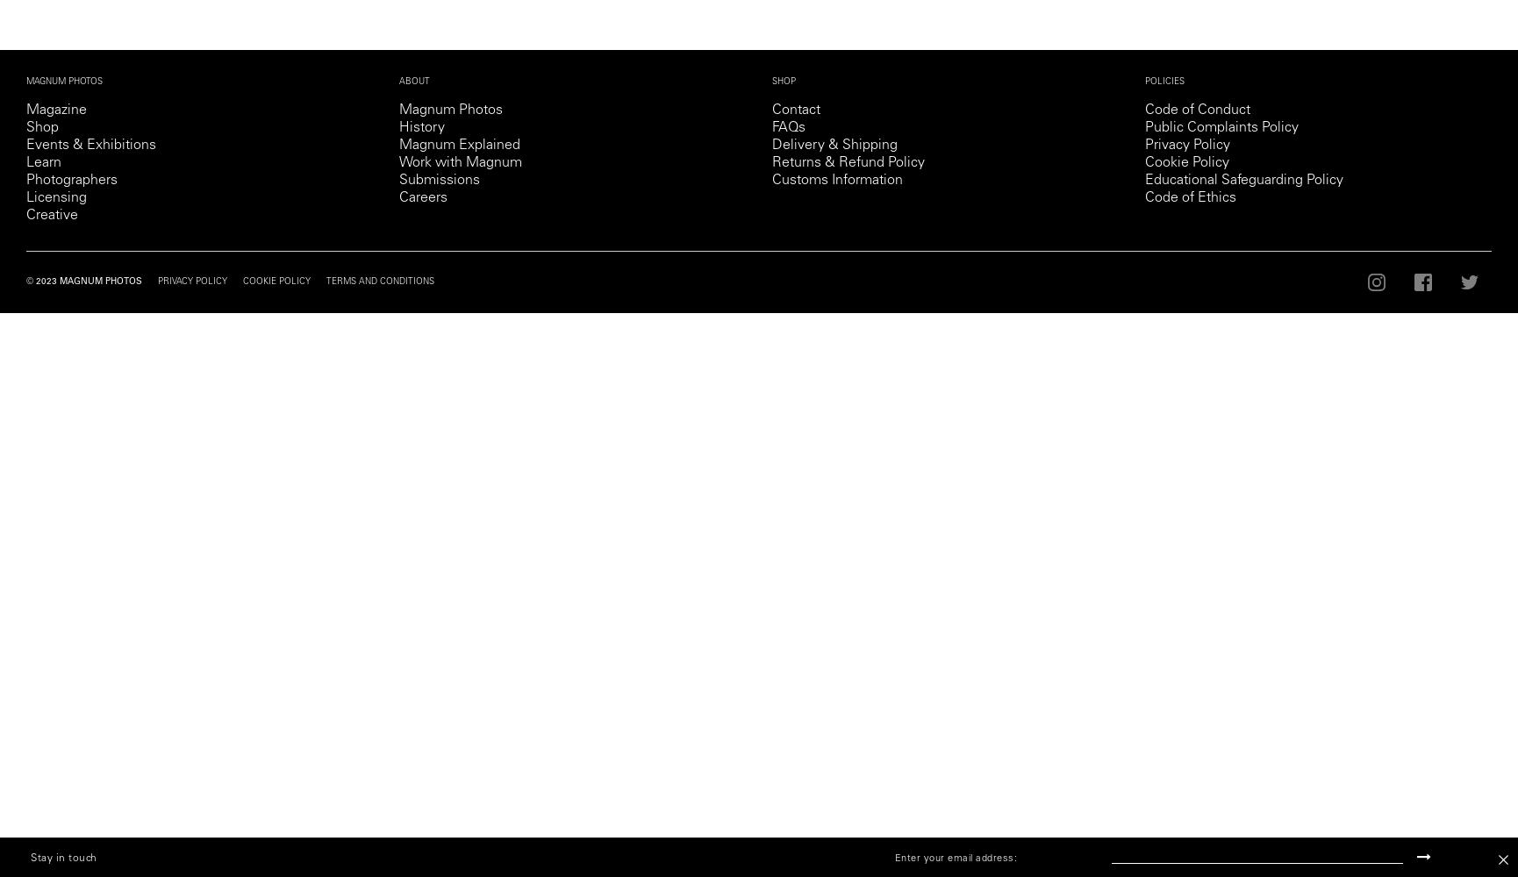  Describe the element at coordinates (1221, 128) in the screenshot. I see `'Public Complaints Policy'` at that location.